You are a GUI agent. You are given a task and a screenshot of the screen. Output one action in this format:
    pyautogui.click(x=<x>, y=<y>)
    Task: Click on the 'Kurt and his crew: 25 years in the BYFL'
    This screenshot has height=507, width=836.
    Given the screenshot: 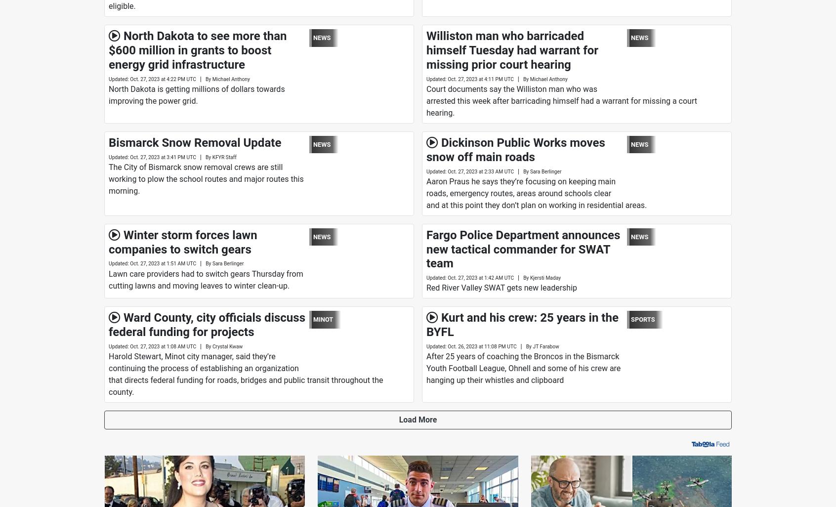 What is the action you would take?
    pyautogui.click(x=521, y=325)
    